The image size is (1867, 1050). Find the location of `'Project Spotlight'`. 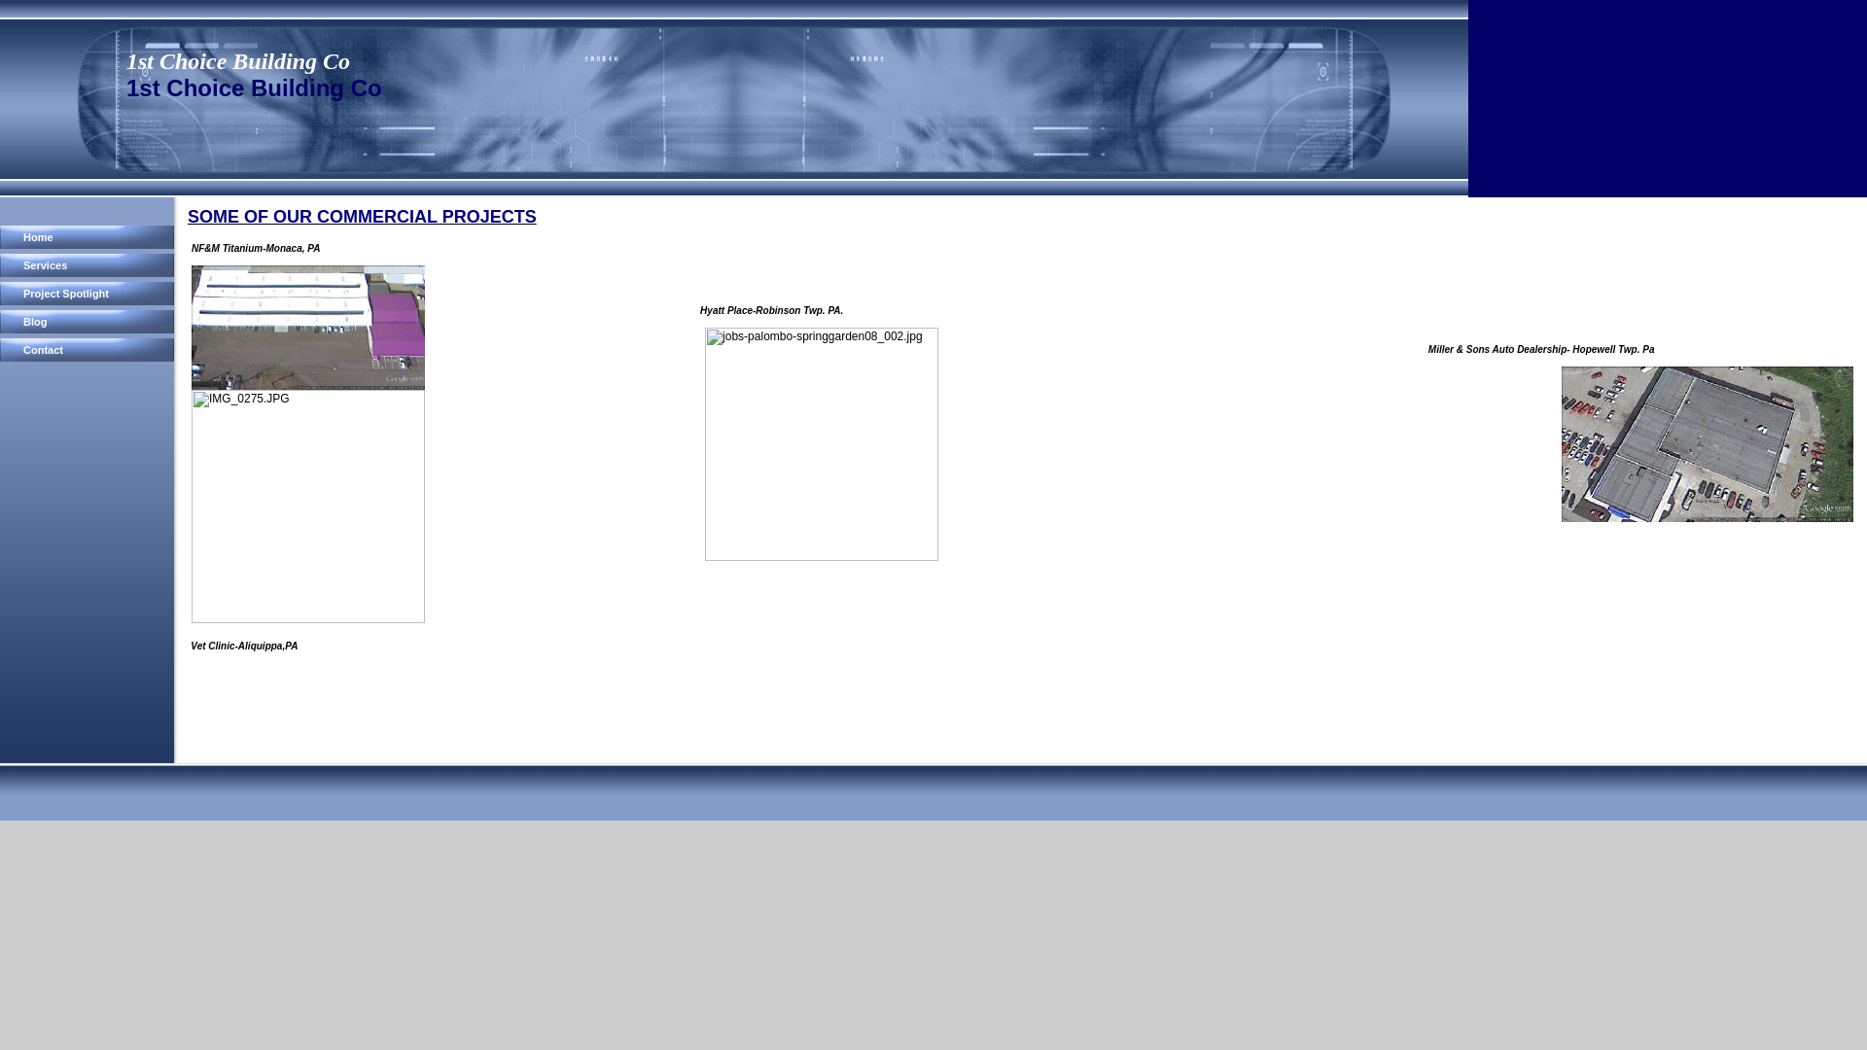

'Project Spotlight' is located at coordinates (88, 293).